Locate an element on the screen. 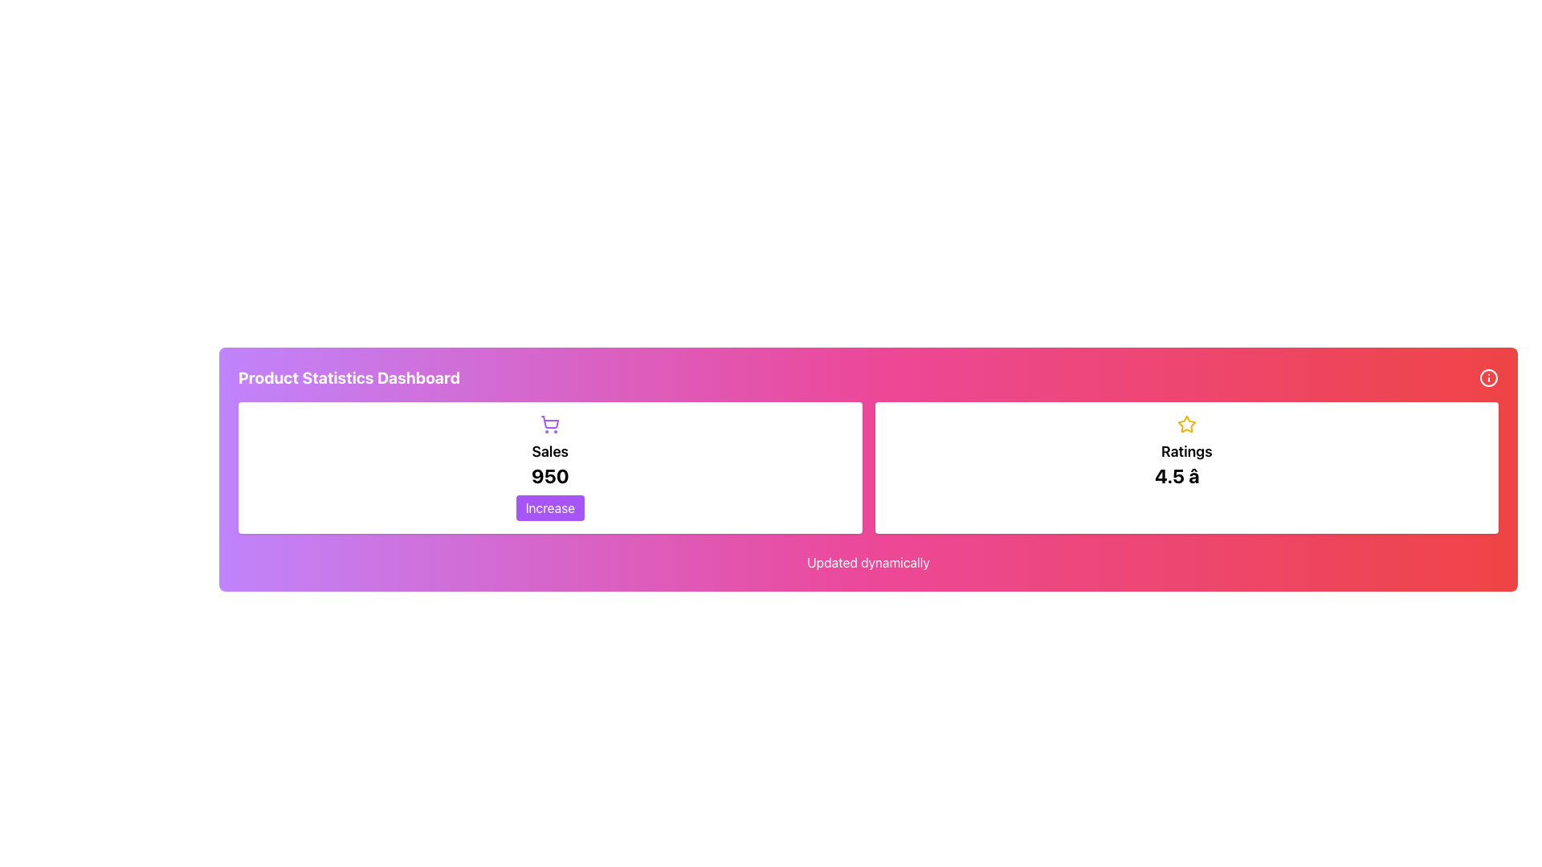  the purple shopping cart icon located at the top center of the sales data card, above the text 'Sales' and '950' is located at coordinates (550, 423).